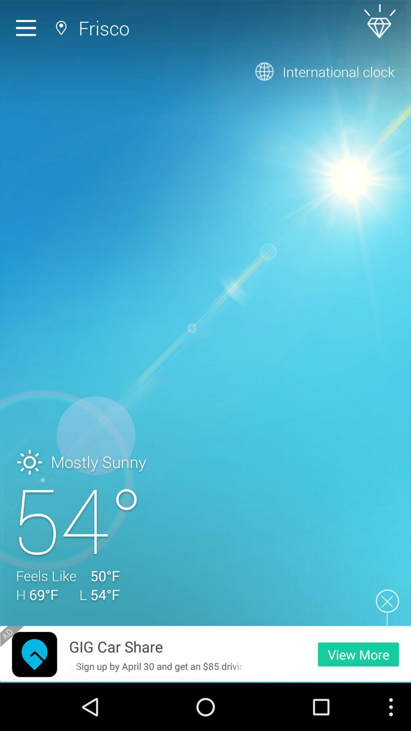 Image resolution: width=411 pixels, height=731 pixels. I want to click on the menu icon, so click(27, 30).